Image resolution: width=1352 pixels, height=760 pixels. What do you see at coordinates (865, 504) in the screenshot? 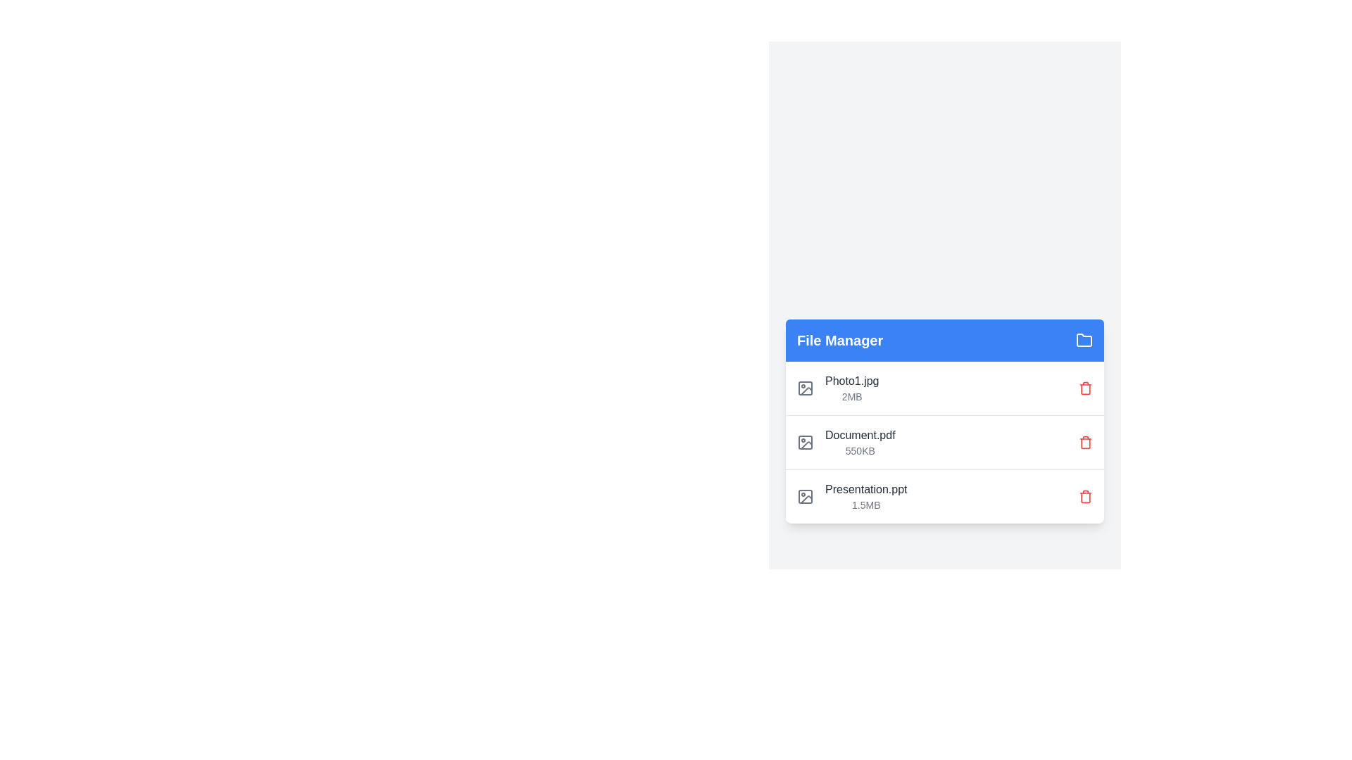
I see `the text label indicating the file size for 'Presentation.ppt' located in the third row of the file manager list` at bounding box center [865, 504].